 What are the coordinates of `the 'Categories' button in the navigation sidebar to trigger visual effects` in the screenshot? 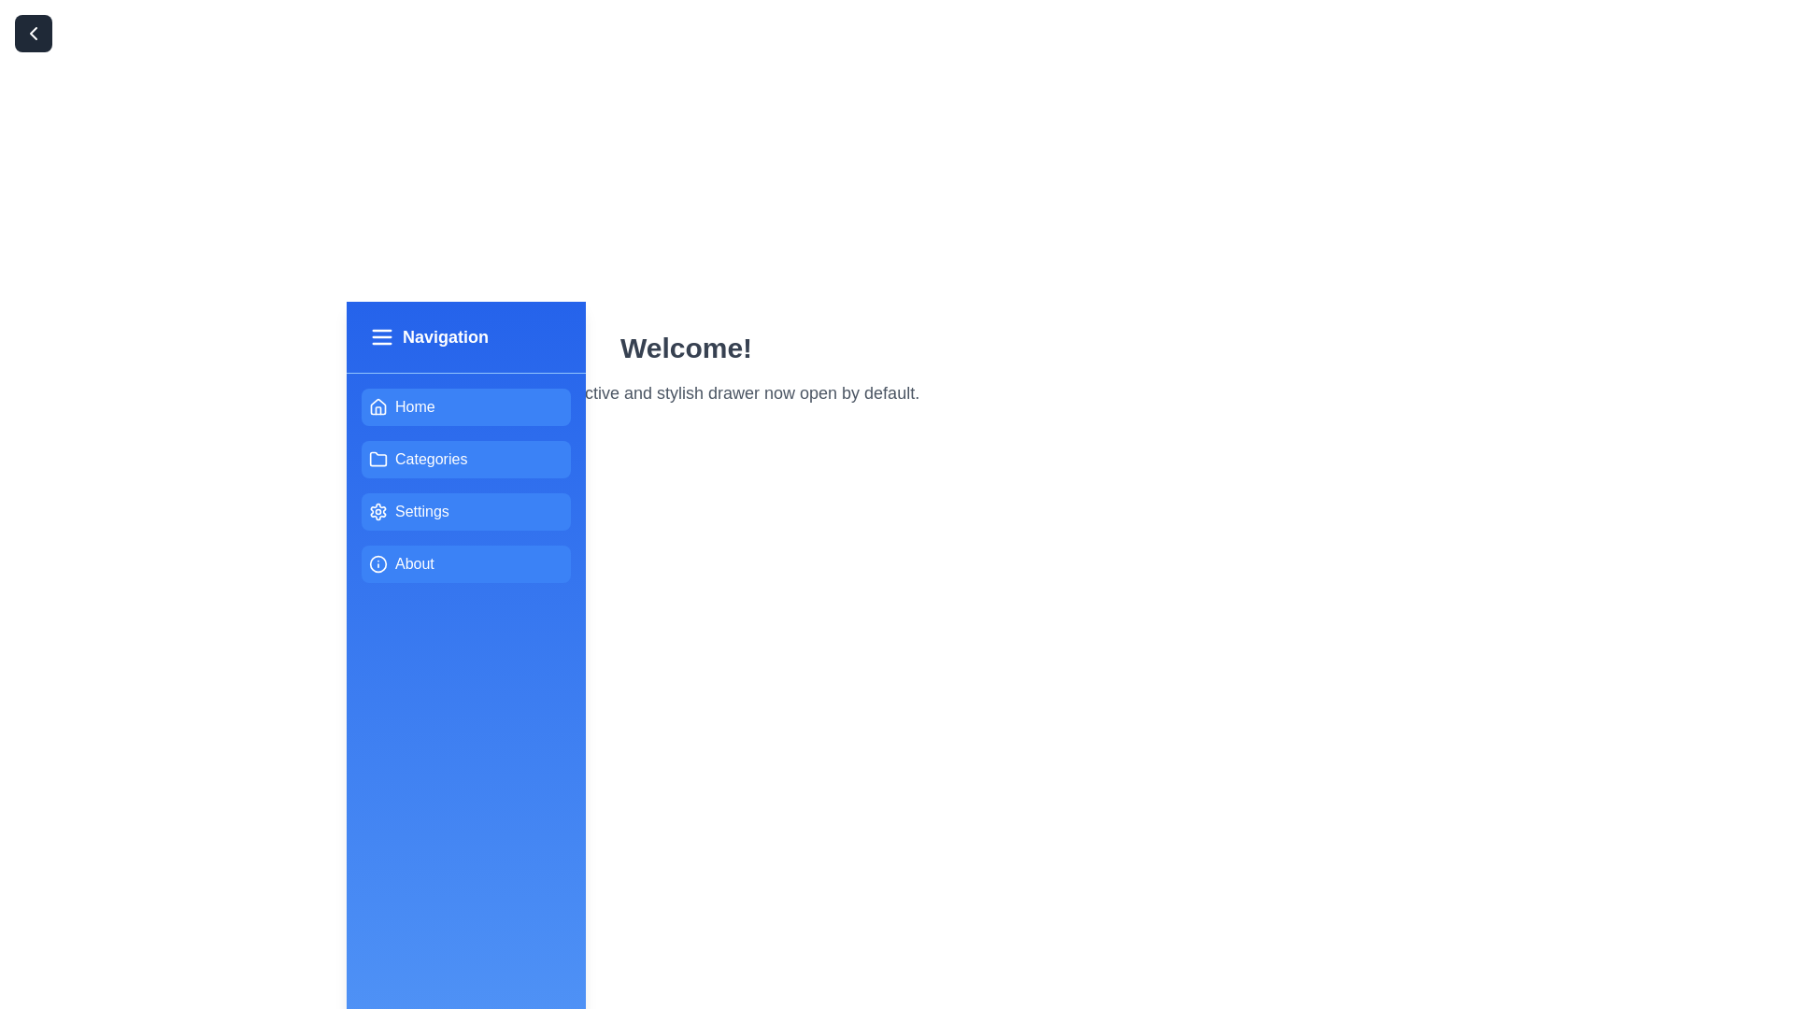 It's located at (466, 460).